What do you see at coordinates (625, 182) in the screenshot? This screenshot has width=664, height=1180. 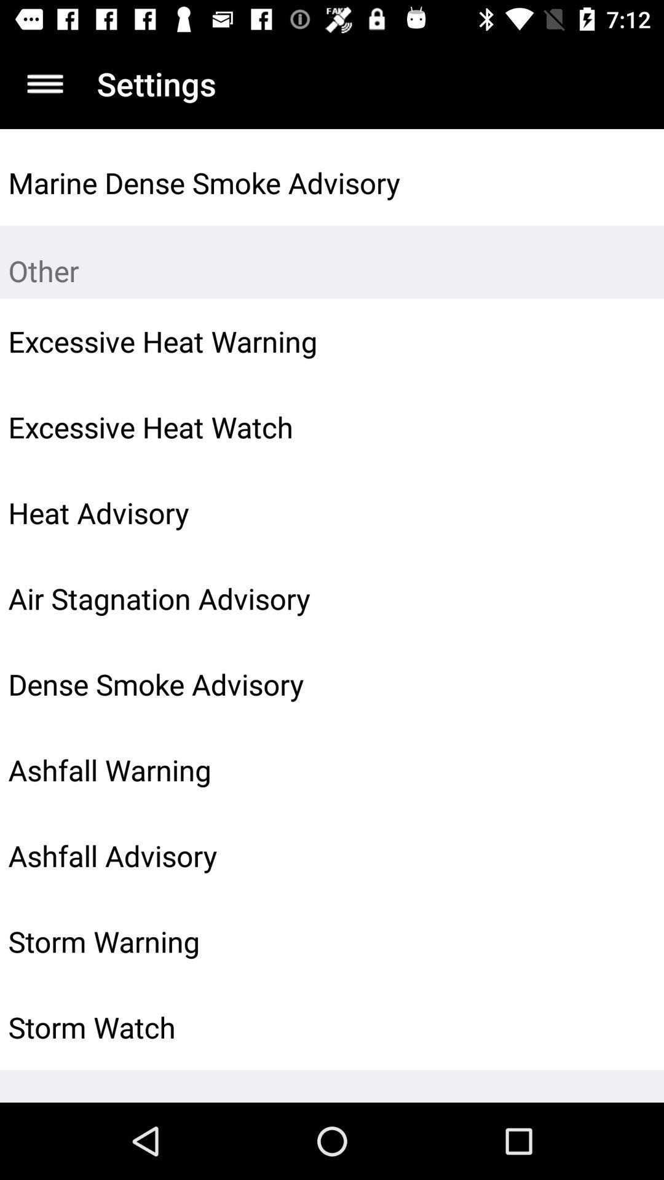 I see `icon to the right of marine dense smoke` at bounding box center [625, 182].